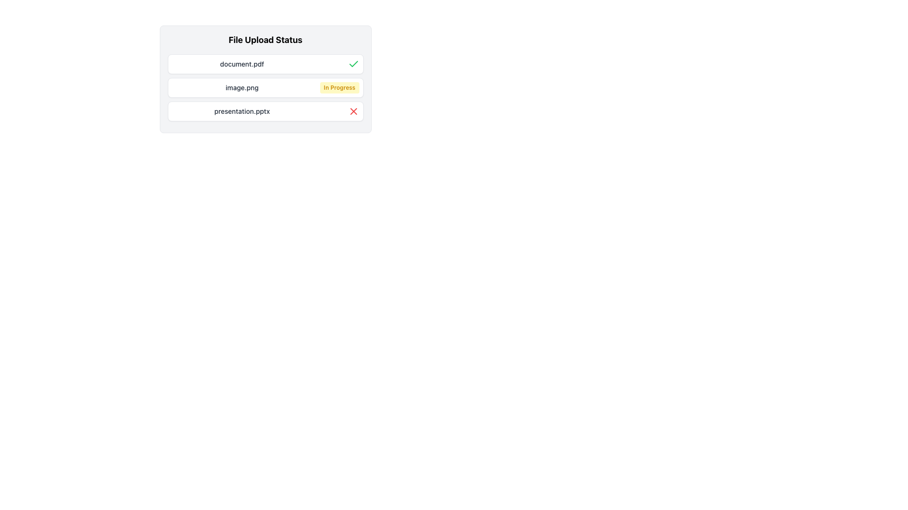 This screenshot has height=510, width=908. Describe the element at coordinates (265, 110) in the screenshot. I see `the 'presentation.pptx' list item, which is the third item under the 'File Upload Status' header` at that location.